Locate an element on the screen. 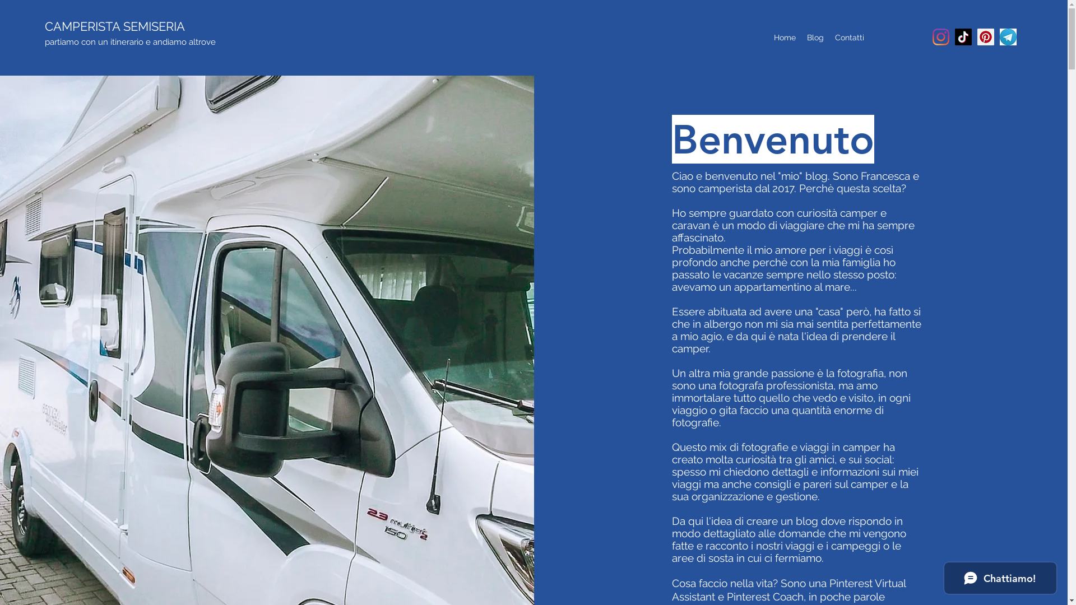 The image size is (1076, 605). 'Home' is located at coordinates (784, 36).